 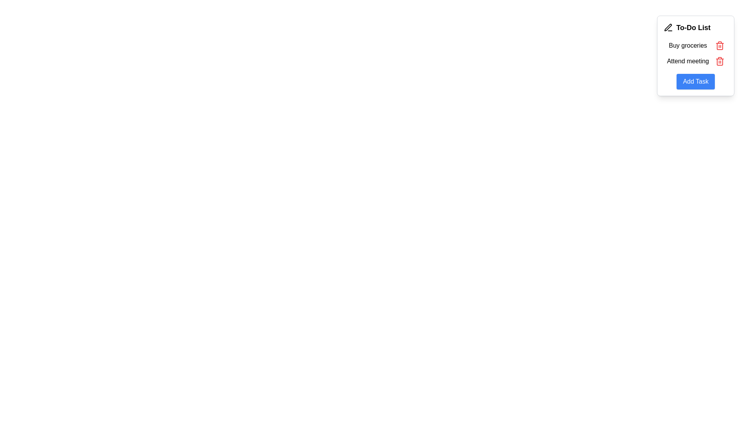 I want to click on the text display reading 'Attend meeting' in the to-do list, which is the second entry below 'Buy groceries', so click(x=688, y=61).